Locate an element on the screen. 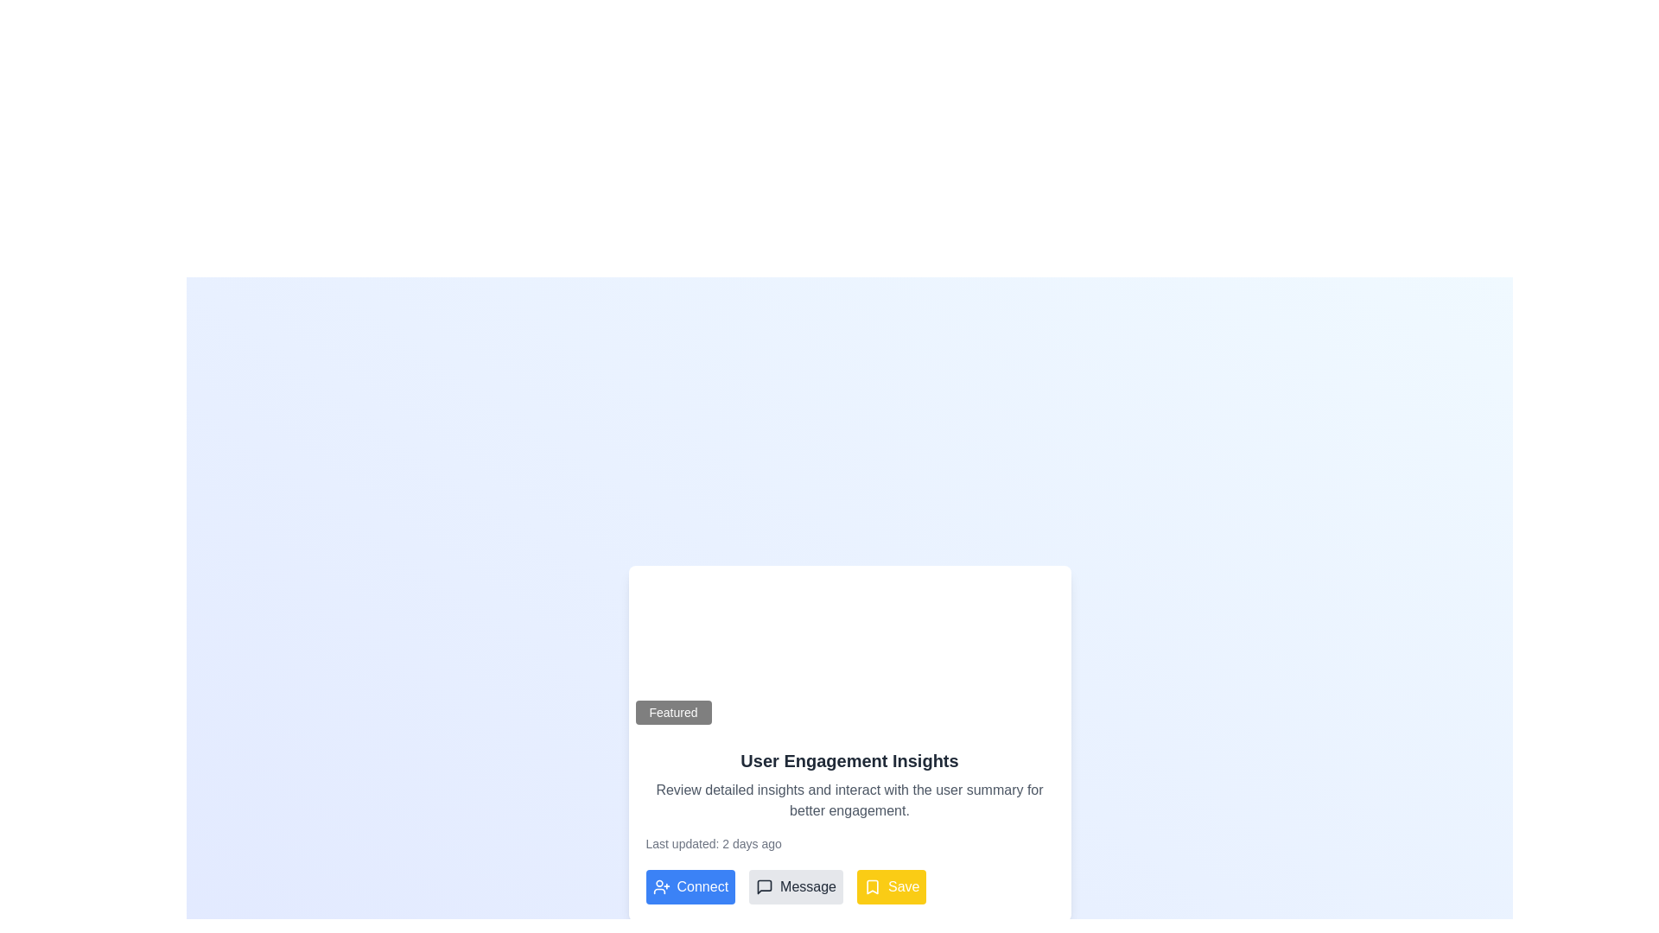 The width and height of the screenshot is (1659, 933). the stylized bookmark icon within the 'Save' button at the bottom right of the 'User Engagement Insights' card is located at coordinates (872, 886).